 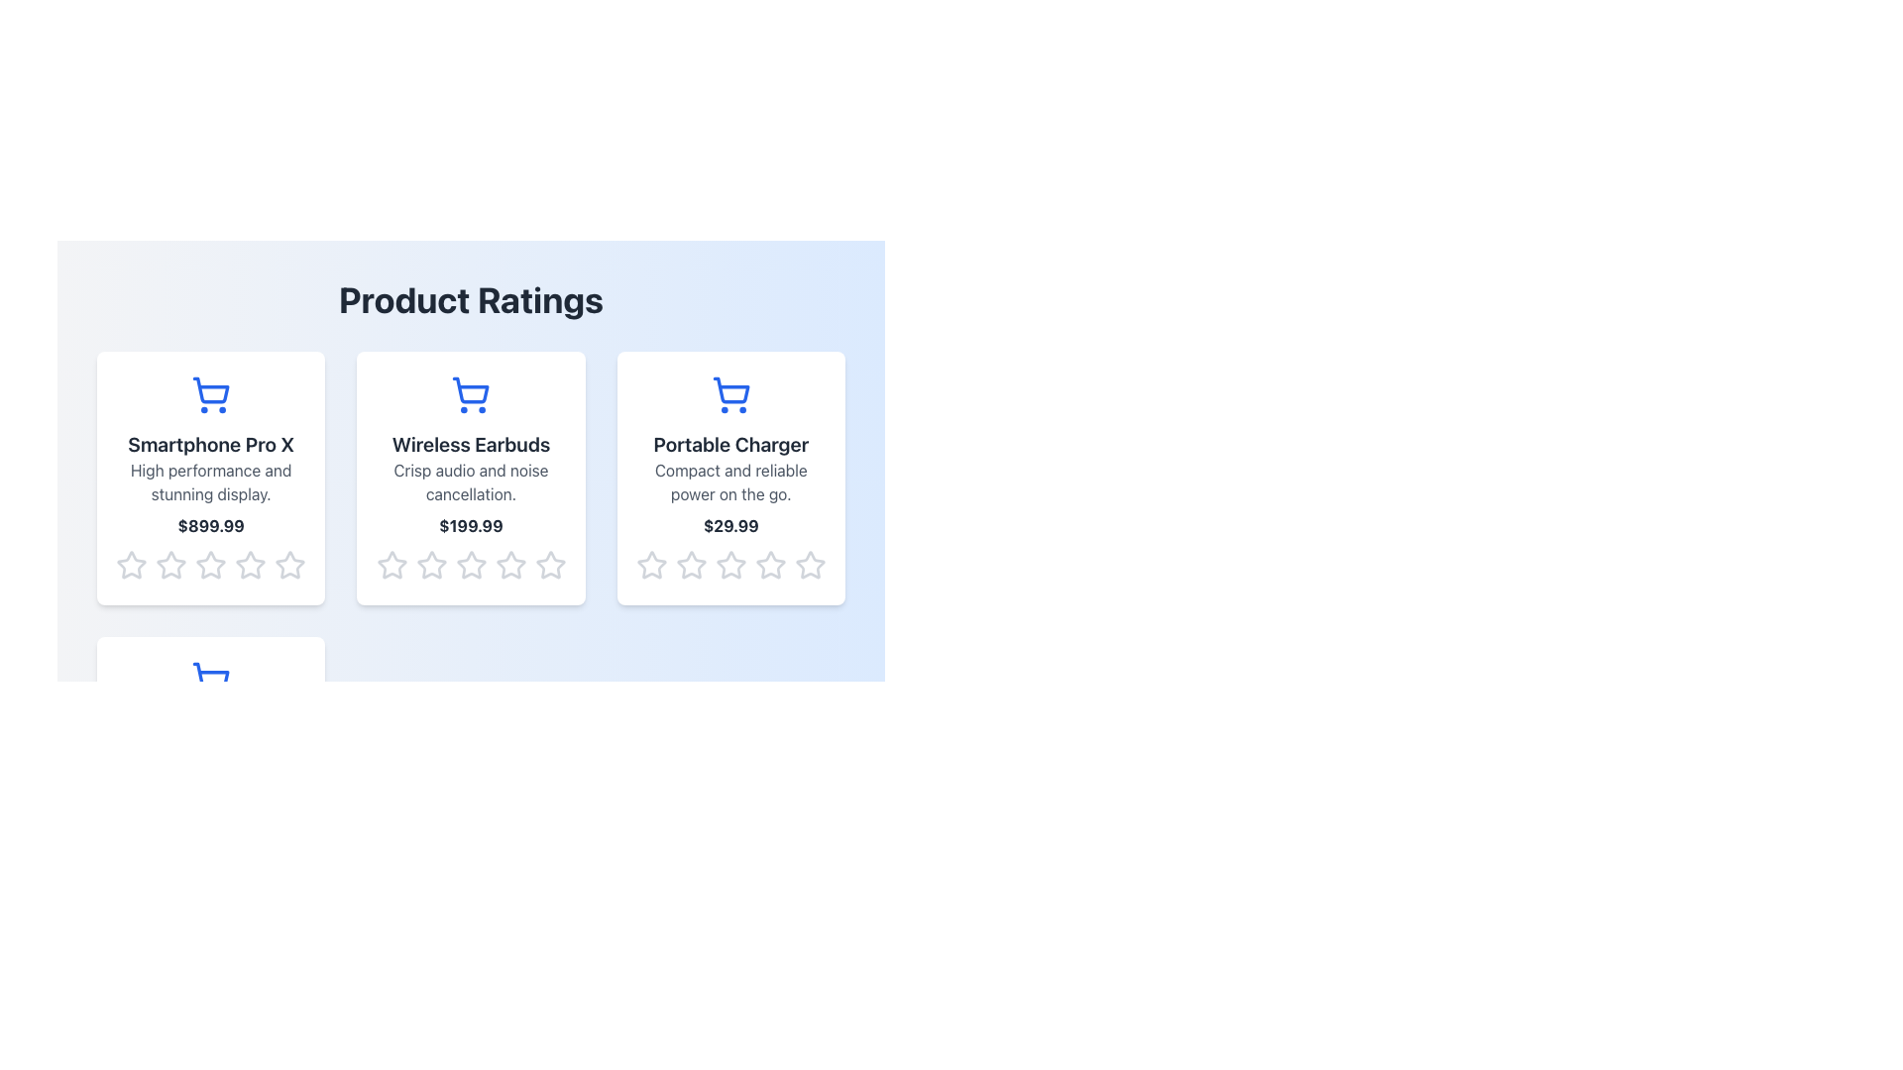 I want to click on the first star icon in the rating bar for the product 'Smartphone Pro X', so click(x=131, y=565).